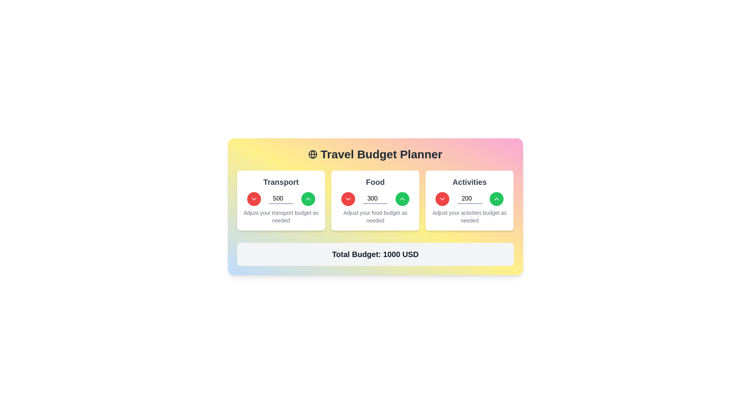 Image resolution: width=738 pixels, height=415 pixels. What do you see at coordinates (375, 182) in the screenshot?
I see `the 'Food' text label in the budget planner interface that identifies the section related to food, which is located in the second card of the horizontal row` at bounding box center [375, 182].